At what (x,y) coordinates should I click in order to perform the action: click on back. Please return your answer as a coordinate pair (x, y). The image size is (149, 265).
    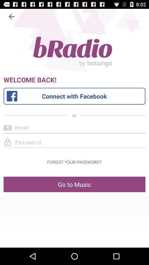
    Looking at the image, I should click on (12, 16).